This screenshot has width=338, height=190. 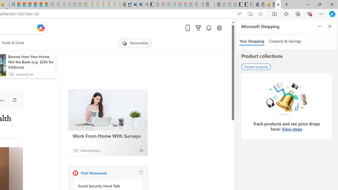 What do you see at coordinates (67, 4) in the screenshot?
I see `'Utah sues federal government - Search - Sleeping'` at bounding box center [67, 4].